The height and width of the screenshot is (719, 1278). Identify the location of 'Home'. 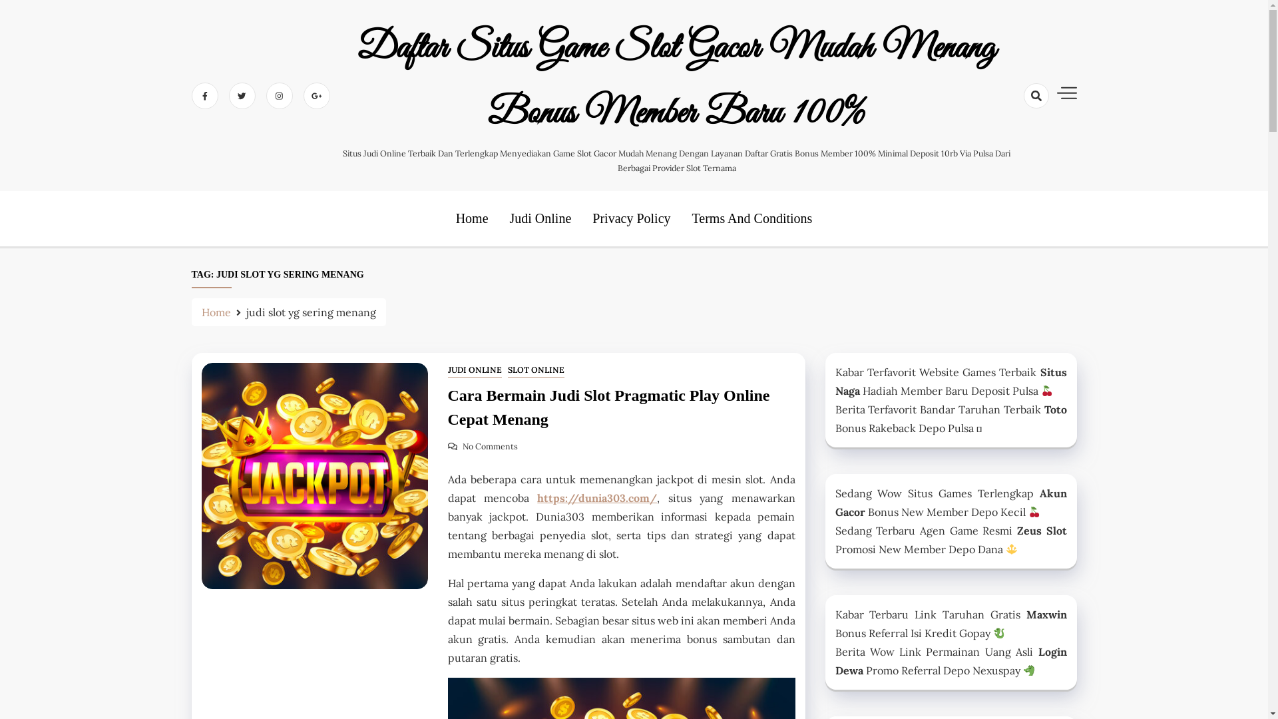
(472, 218).